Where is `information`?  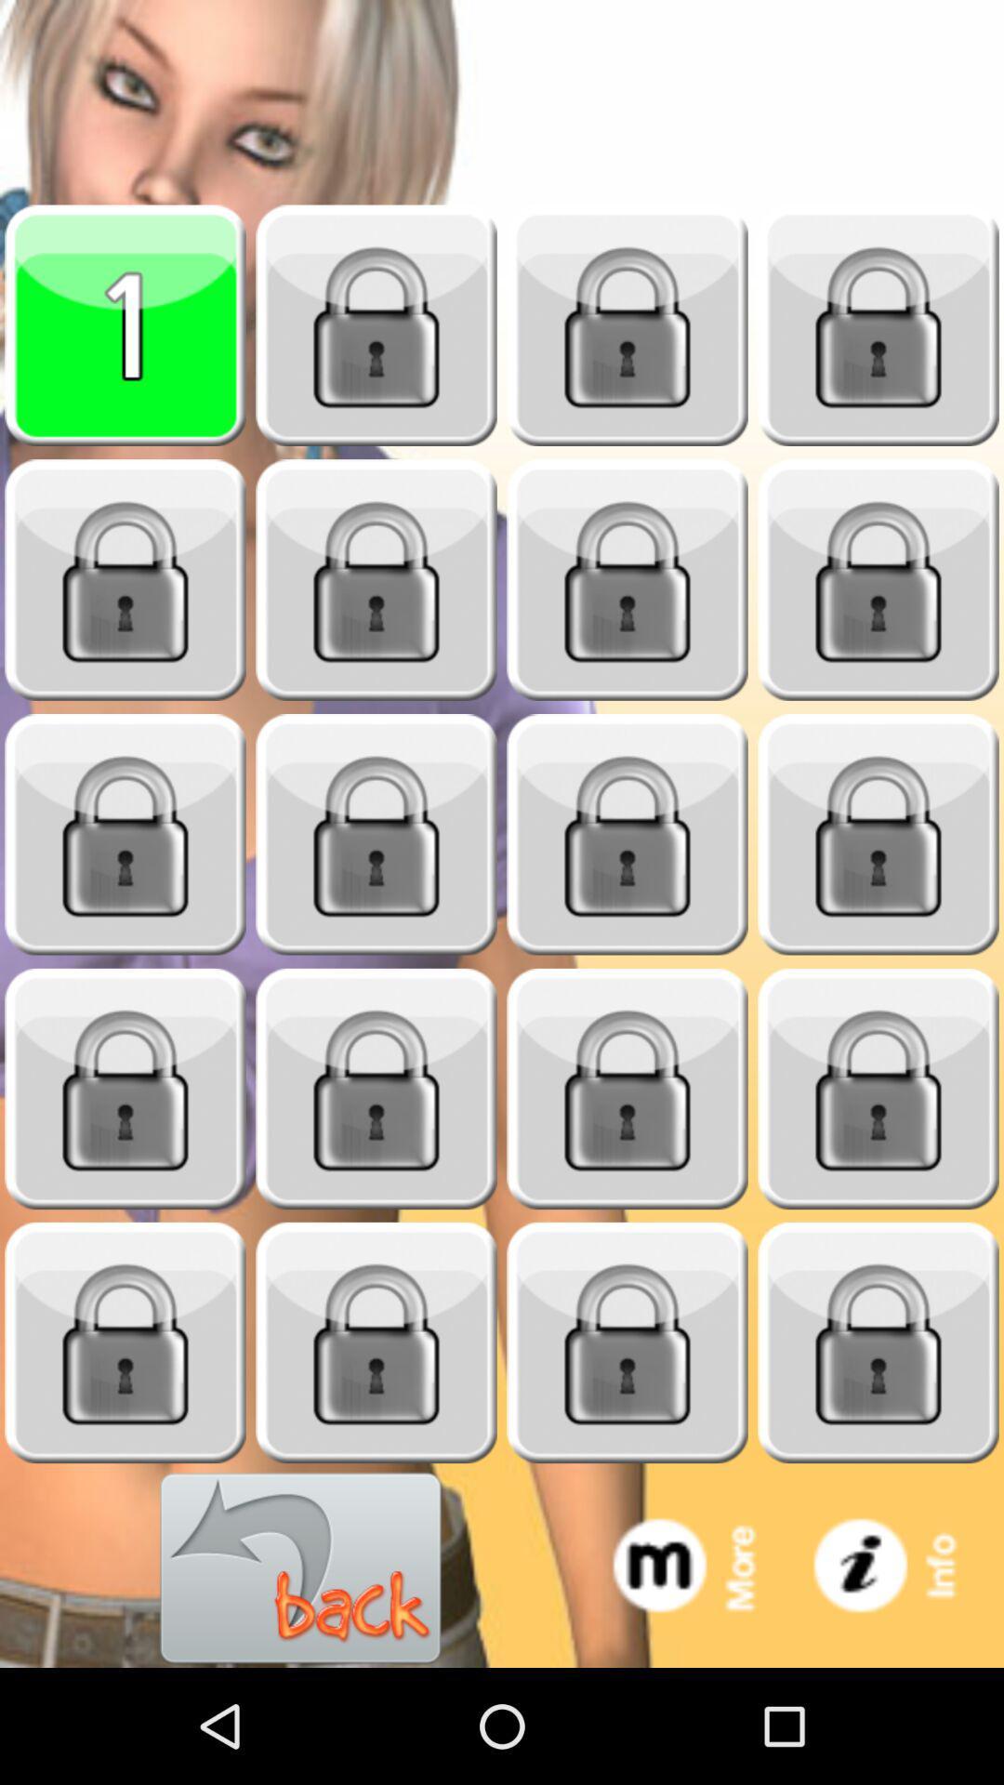 information is located at coordinates (903, 1567).